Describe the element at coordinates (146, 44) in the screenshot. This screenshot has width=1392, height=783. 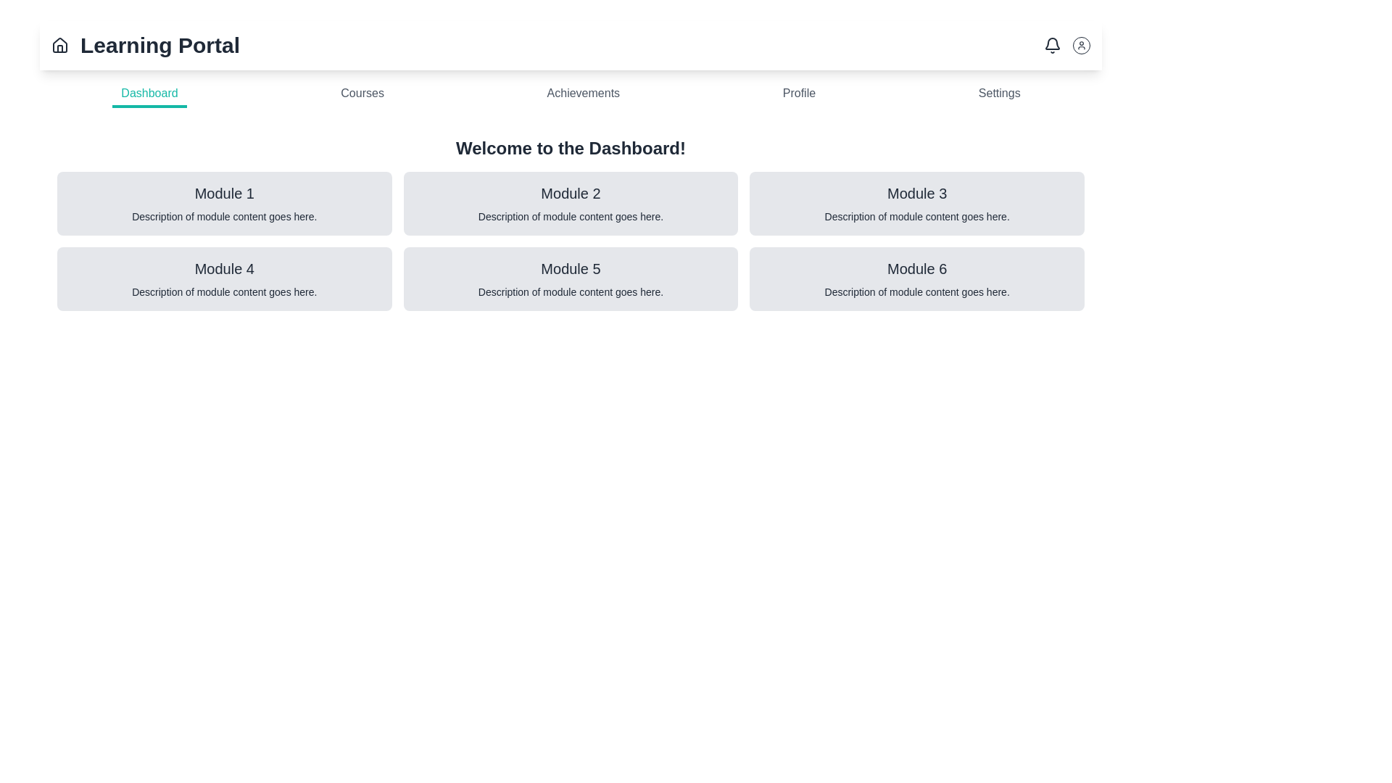
I see `the 'Learning Portal' text in the top navigation bar` at that location.